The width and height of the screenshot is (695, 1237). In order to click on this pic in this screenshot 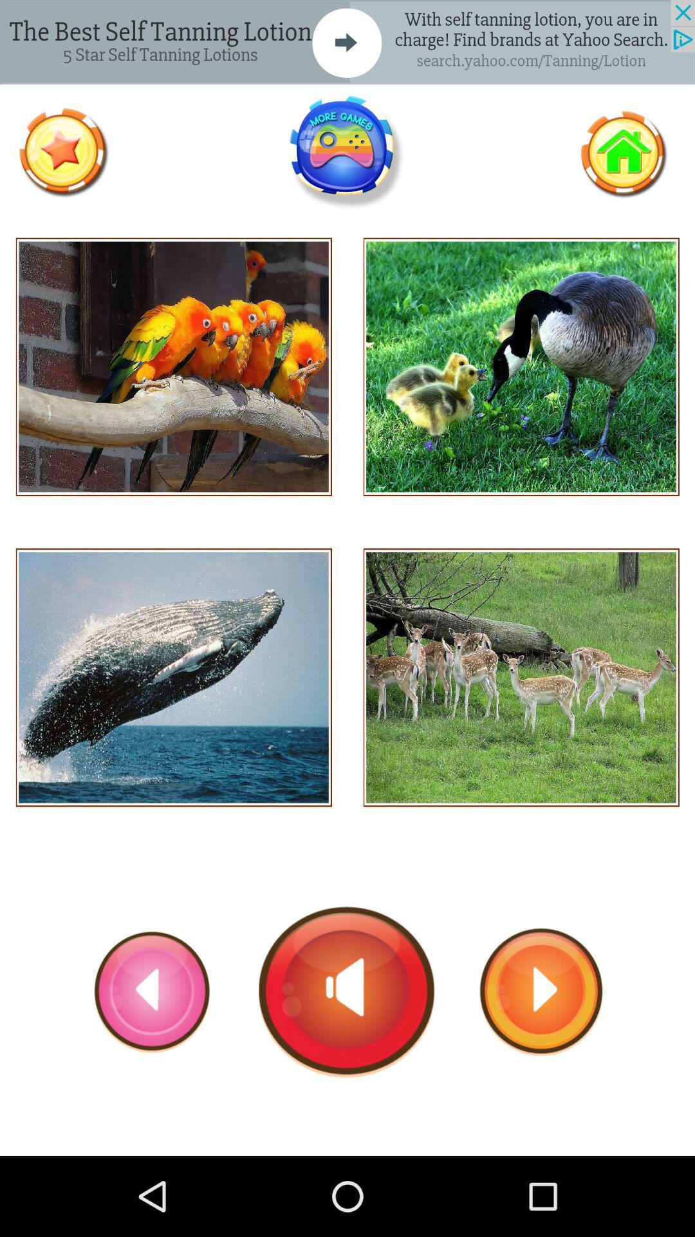, I will do `click(174, 676)`.